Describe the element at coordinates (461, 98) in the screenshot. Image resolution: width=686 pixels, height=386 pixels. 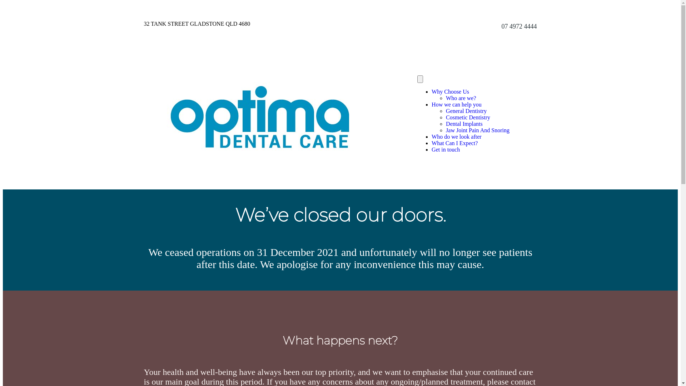
I see `'Who are we?'` at that location.